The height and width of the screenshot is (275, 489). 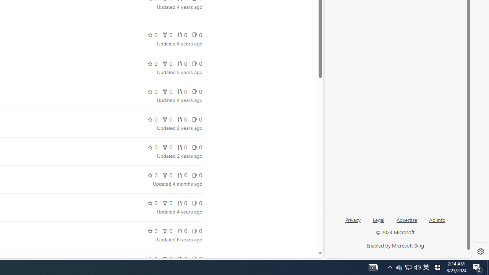 I want to click on 'Class: s14 gl-mr-2', so click(x=194, y=258).